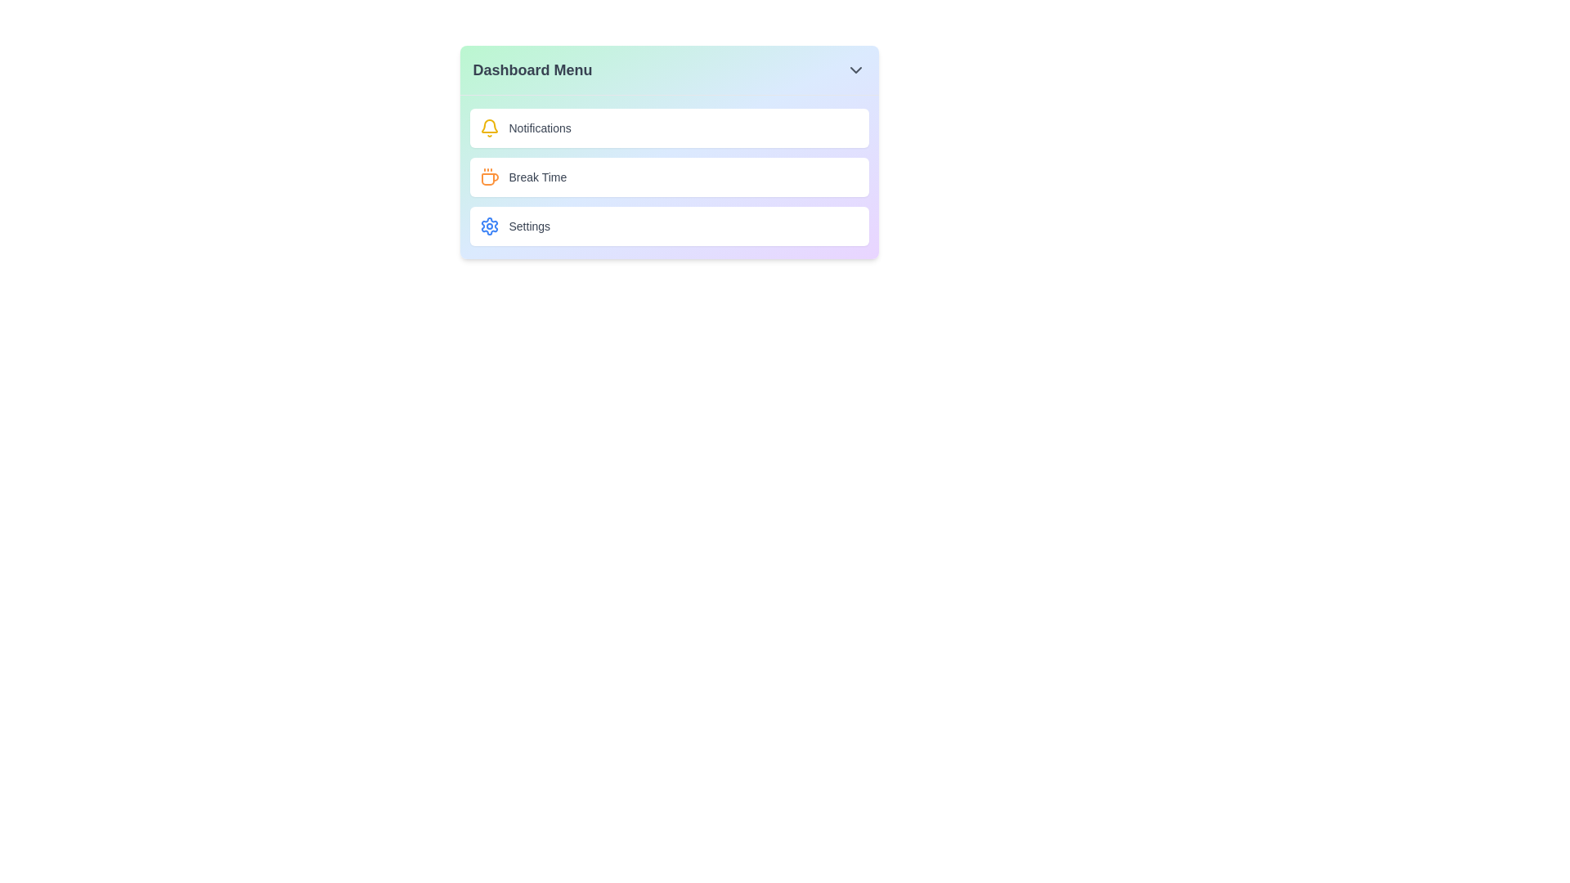 The height and width of the screenshot is (883, 1570). Describe the element at coordinates (529, 226) in the screenshot. I see `the 'Settings' label in the 'Dashboard Menu' which is the third menu item in a vertical list, indicating its purpose or category` at that location.